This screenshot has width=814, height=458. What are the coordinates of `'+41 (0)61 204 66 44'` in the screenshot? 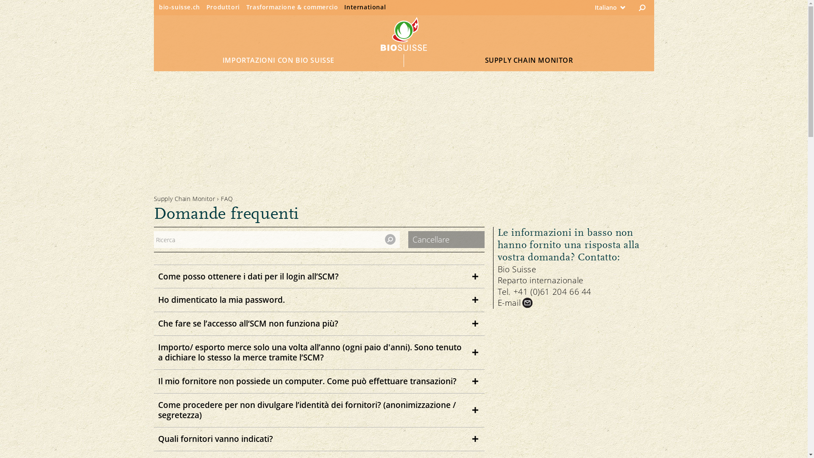 It's located at (554, 291).